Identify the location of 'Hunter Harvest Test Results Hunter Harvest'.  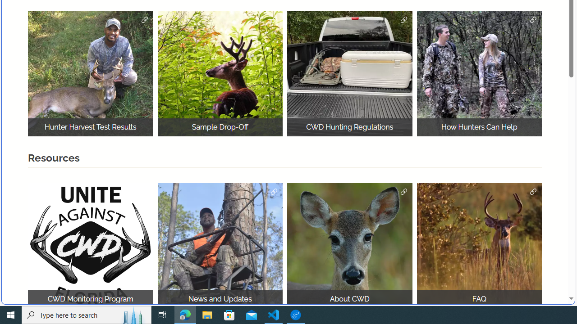
(90, 73).